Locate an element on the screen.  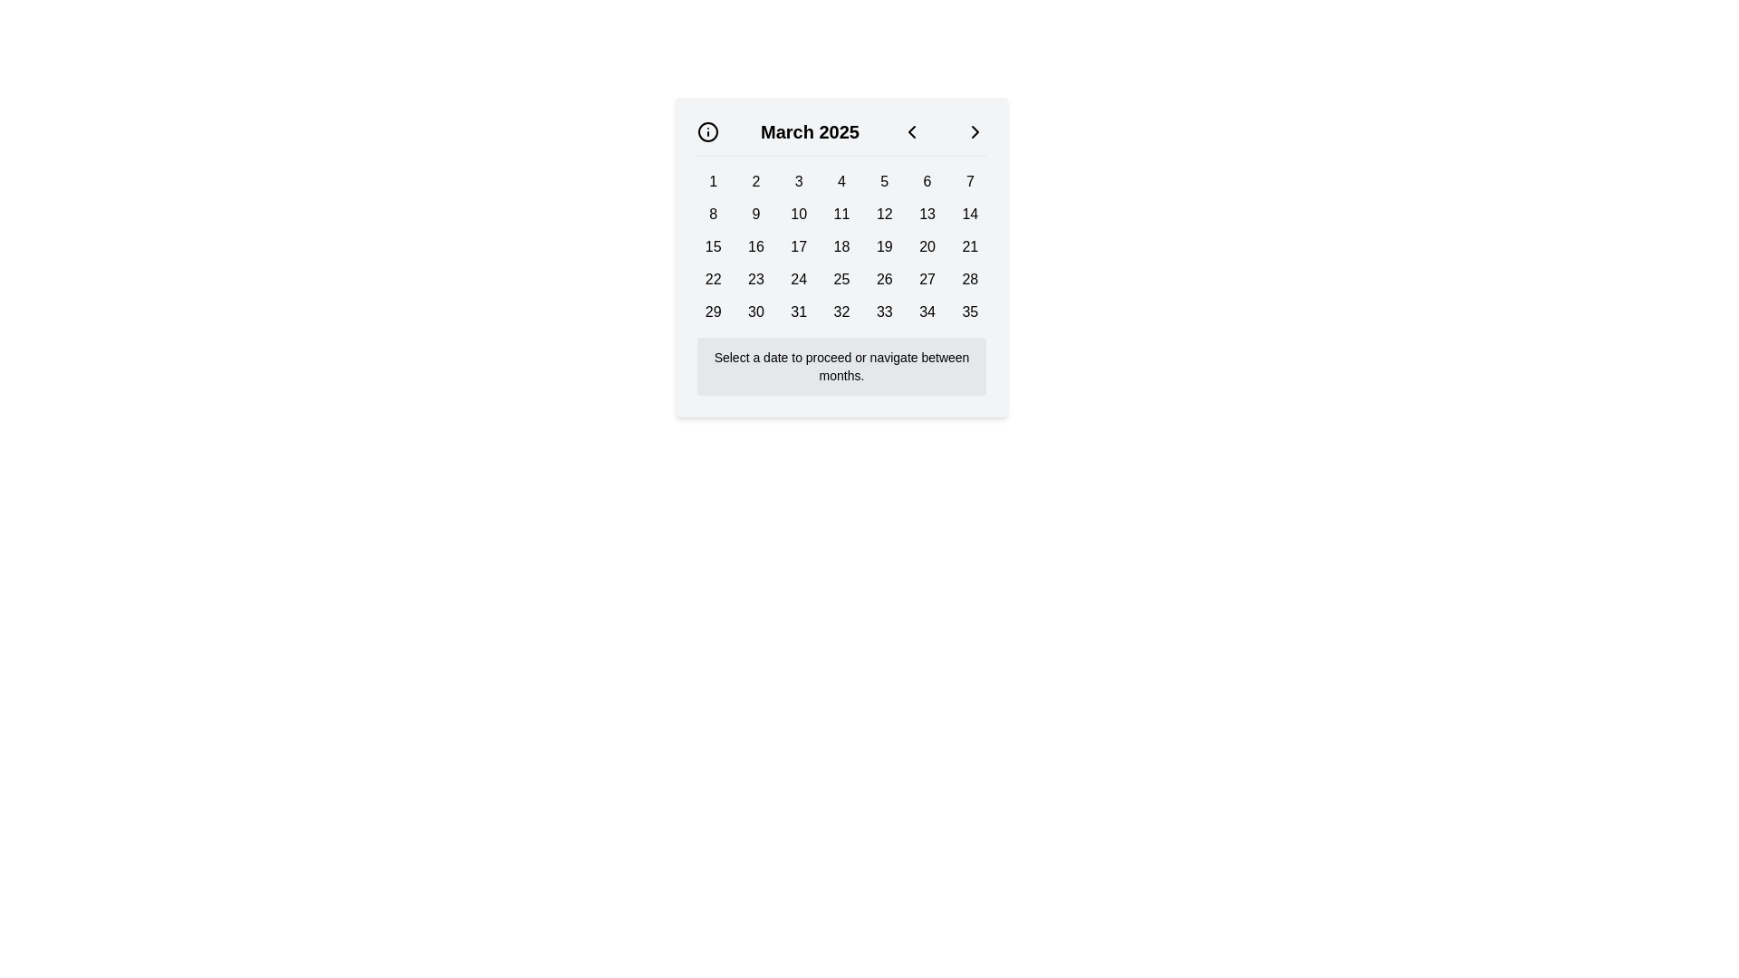
the button labeled '6' in the calendar for the month of March 2025, located in the first row of buttons, immediately to the right of button '5' is located at coordinates (927, 181).